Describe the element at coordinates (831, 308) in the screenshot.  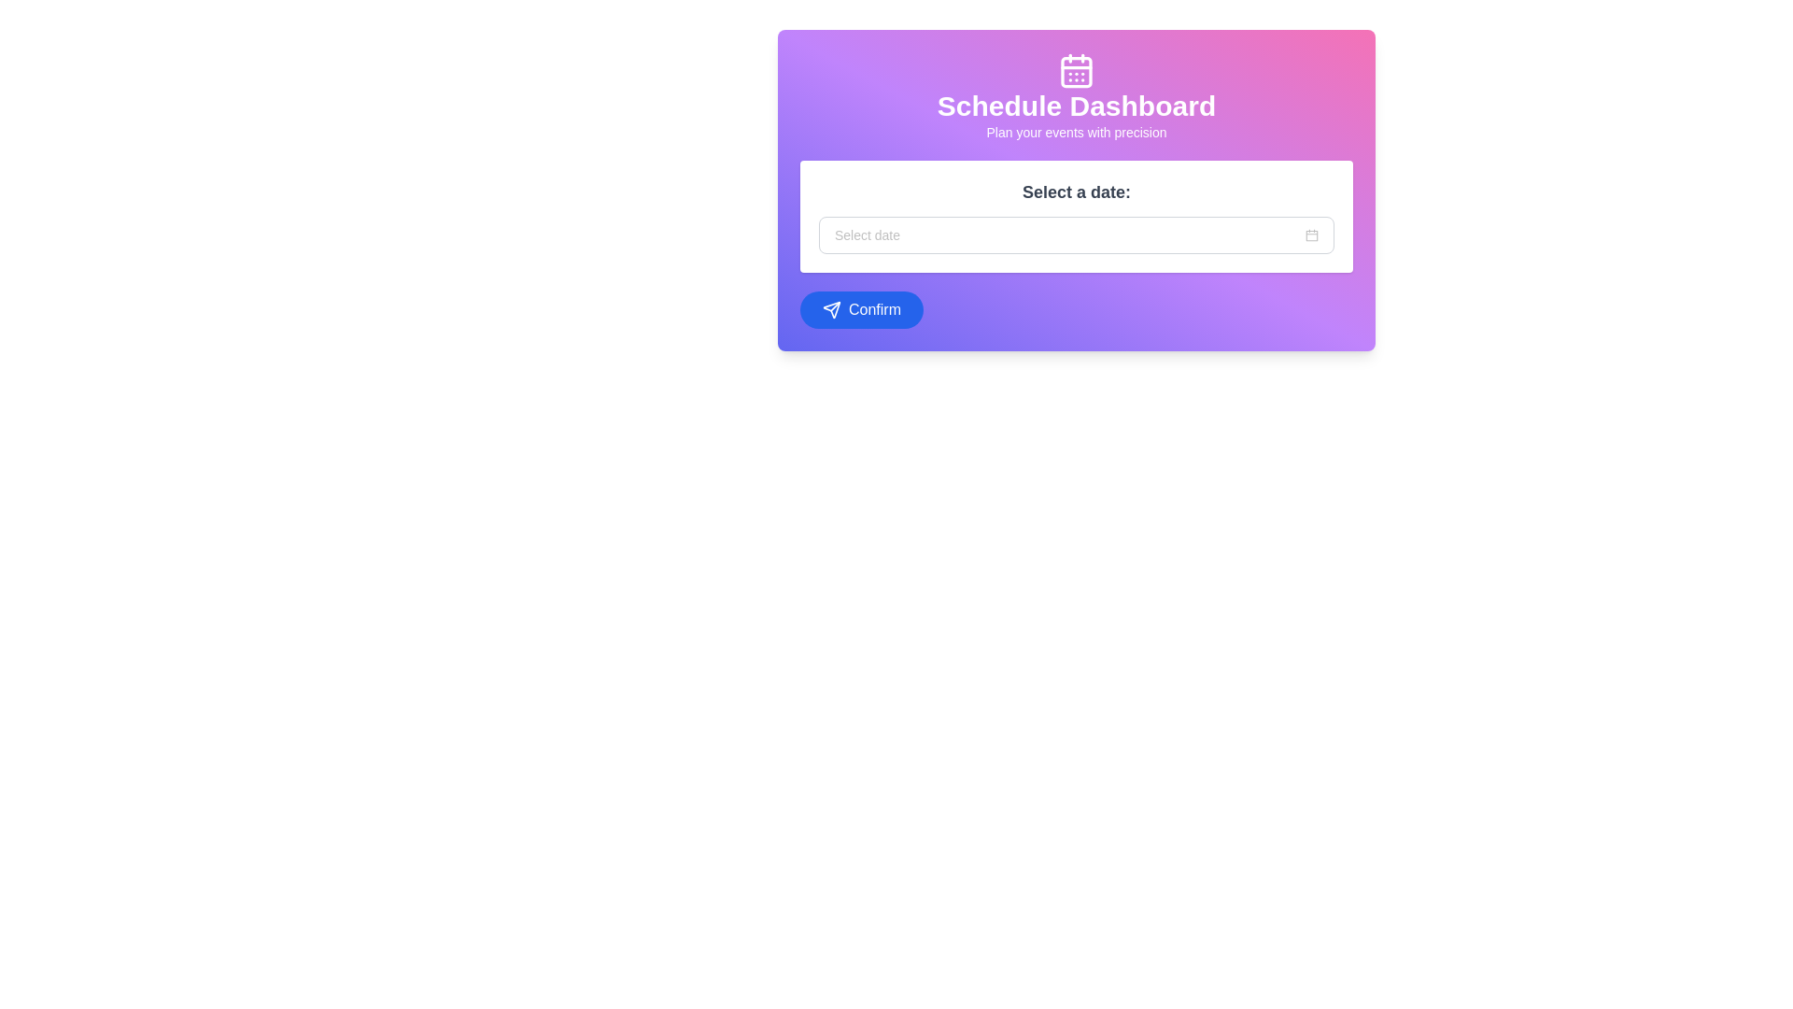
I see `the paper airplane icon within the 'Confirm' button located on the lower-left area of the purple card` at that location.